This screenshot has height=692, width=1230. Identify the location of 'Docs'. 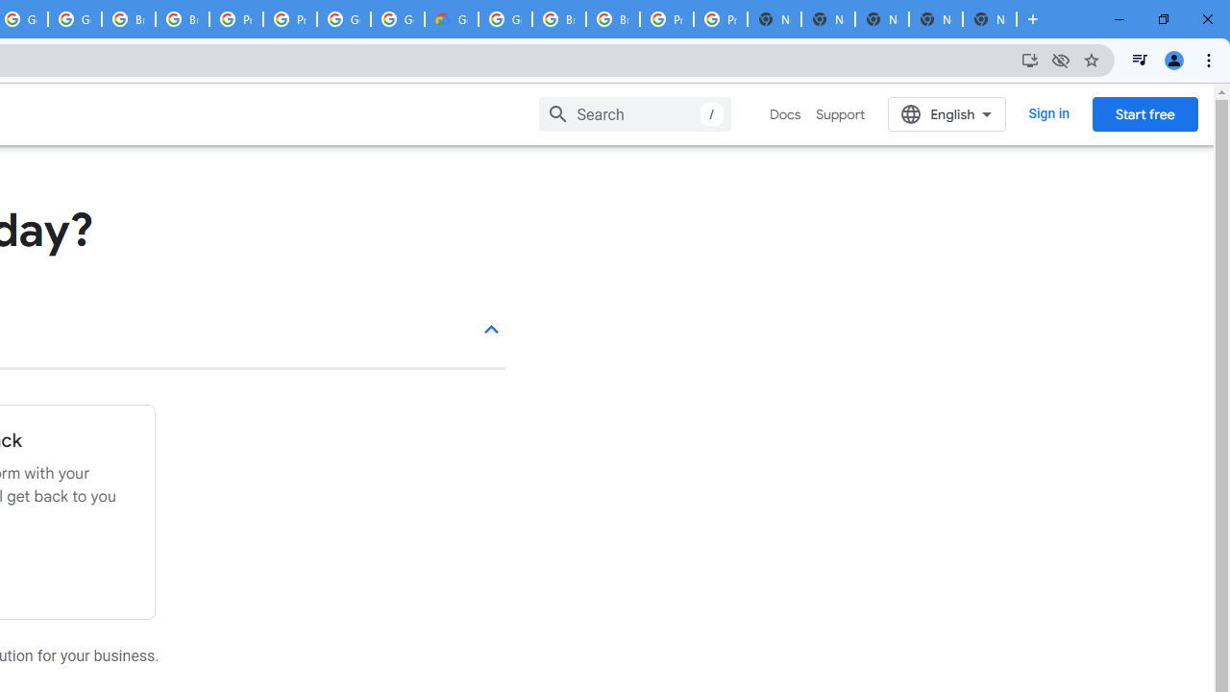
(785, 114).